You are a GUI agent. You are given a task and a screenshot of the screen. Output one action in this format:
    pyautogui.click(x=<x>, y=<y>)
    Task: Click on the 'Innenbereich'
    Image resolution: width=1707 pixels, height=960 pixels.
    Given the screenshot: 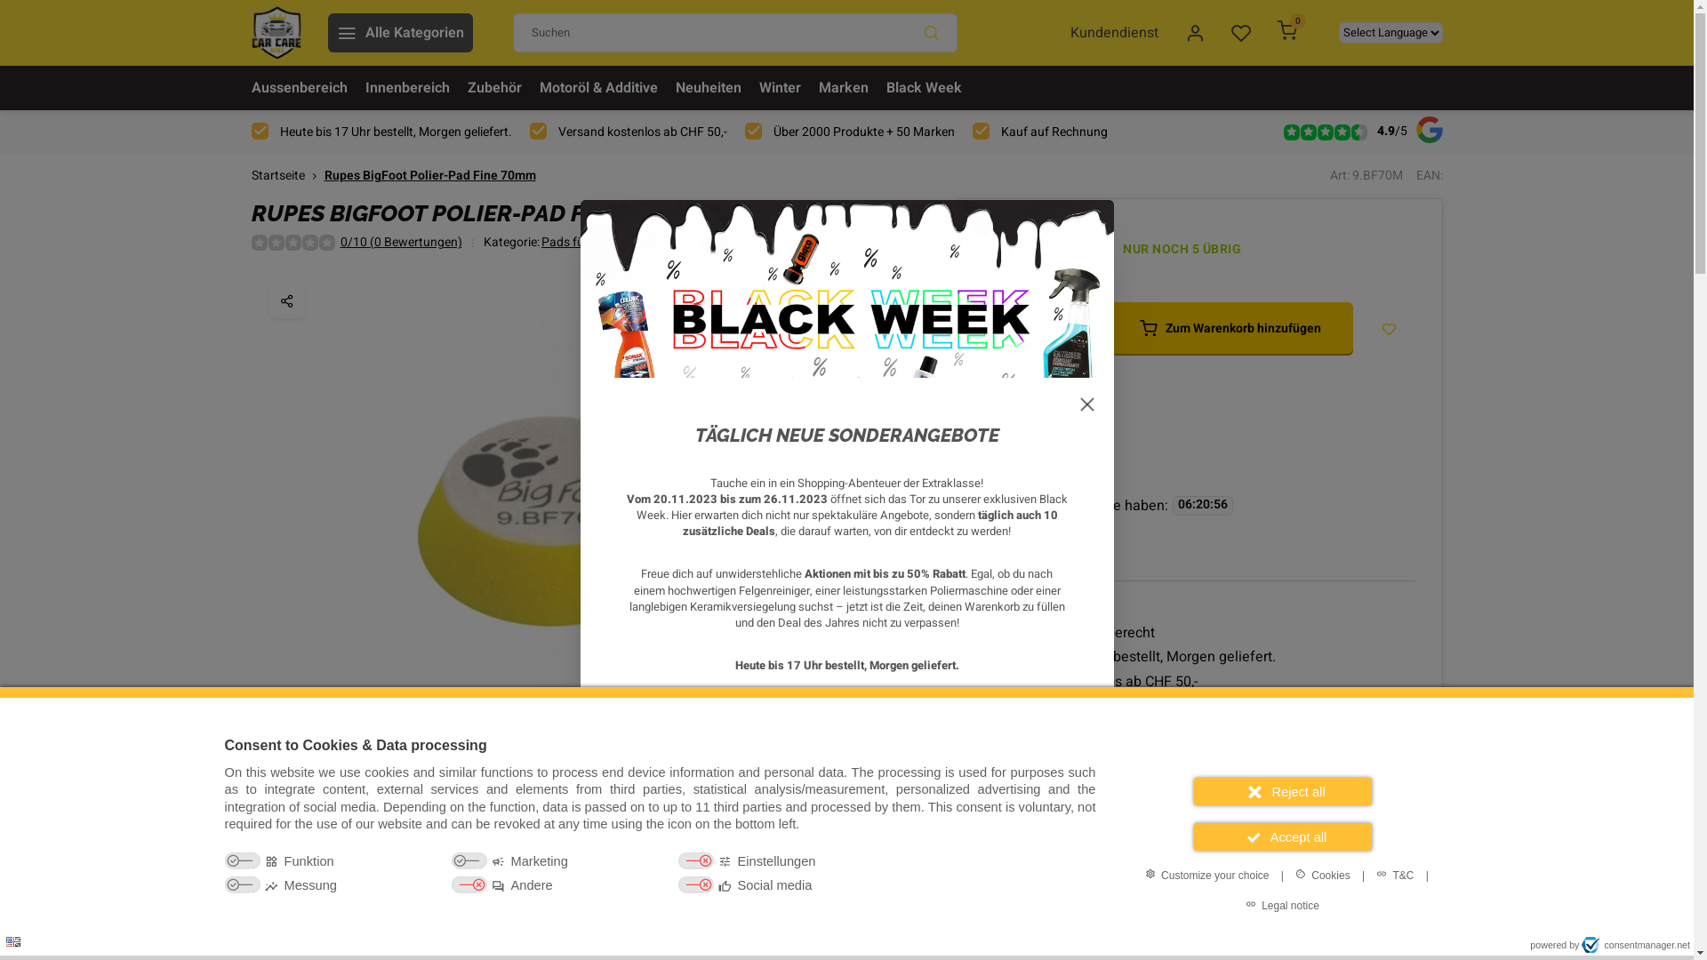 What is the action you would take?
    pyautogui.click(x=405, y=88)
    